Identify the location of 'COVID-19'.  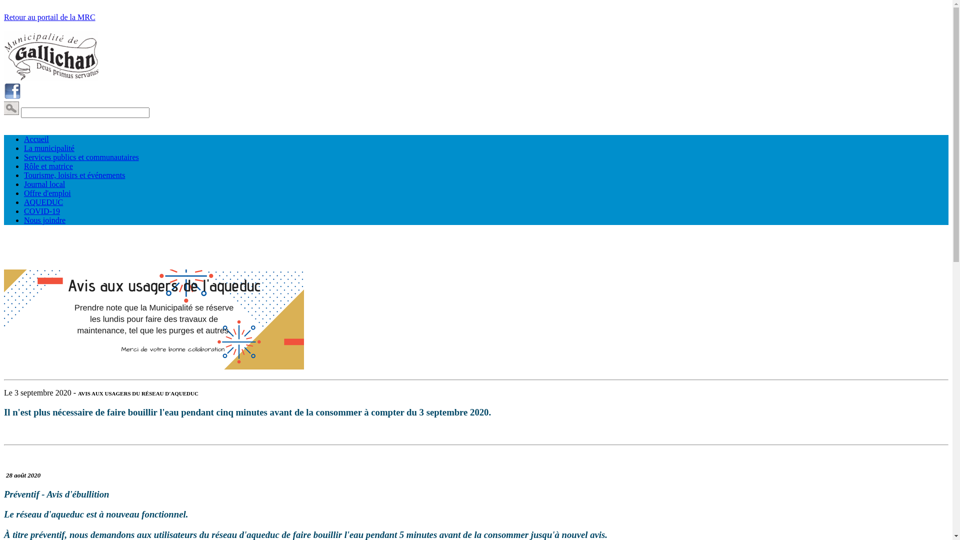
(41, 210).